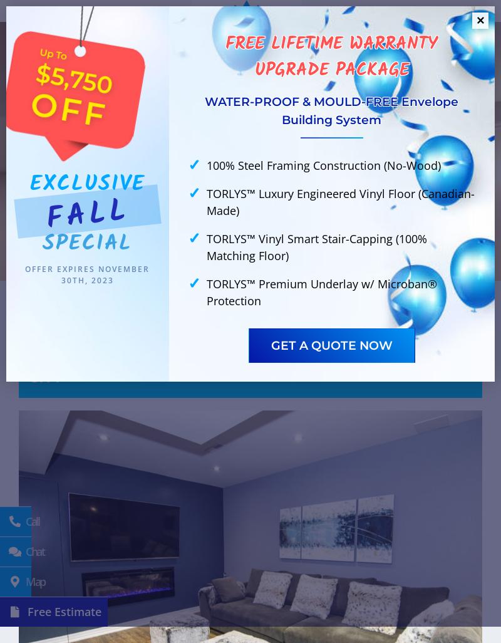 This screenshot has height=643, width=501. Describe the element at coordinates (245, 115) in the screenshot. I see `'Basement Renovations King City'` at that location.